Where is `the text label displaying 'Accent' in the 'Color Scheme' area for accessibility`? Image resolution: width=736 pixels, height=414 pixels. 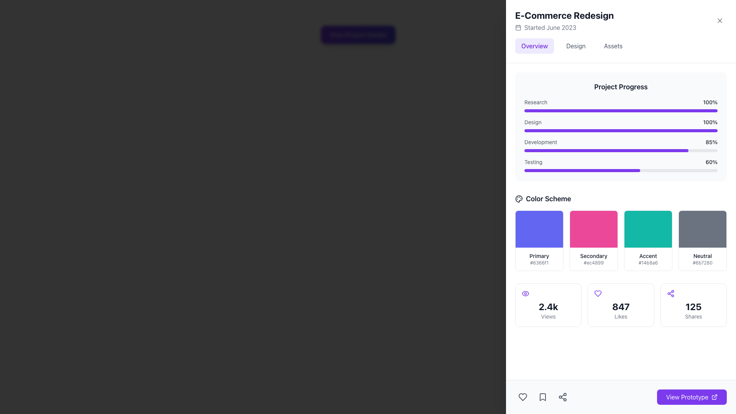
the text label displaying 'Accent' in the 'Color Scheme' area for accessibility is located at coordinates (647, 256).